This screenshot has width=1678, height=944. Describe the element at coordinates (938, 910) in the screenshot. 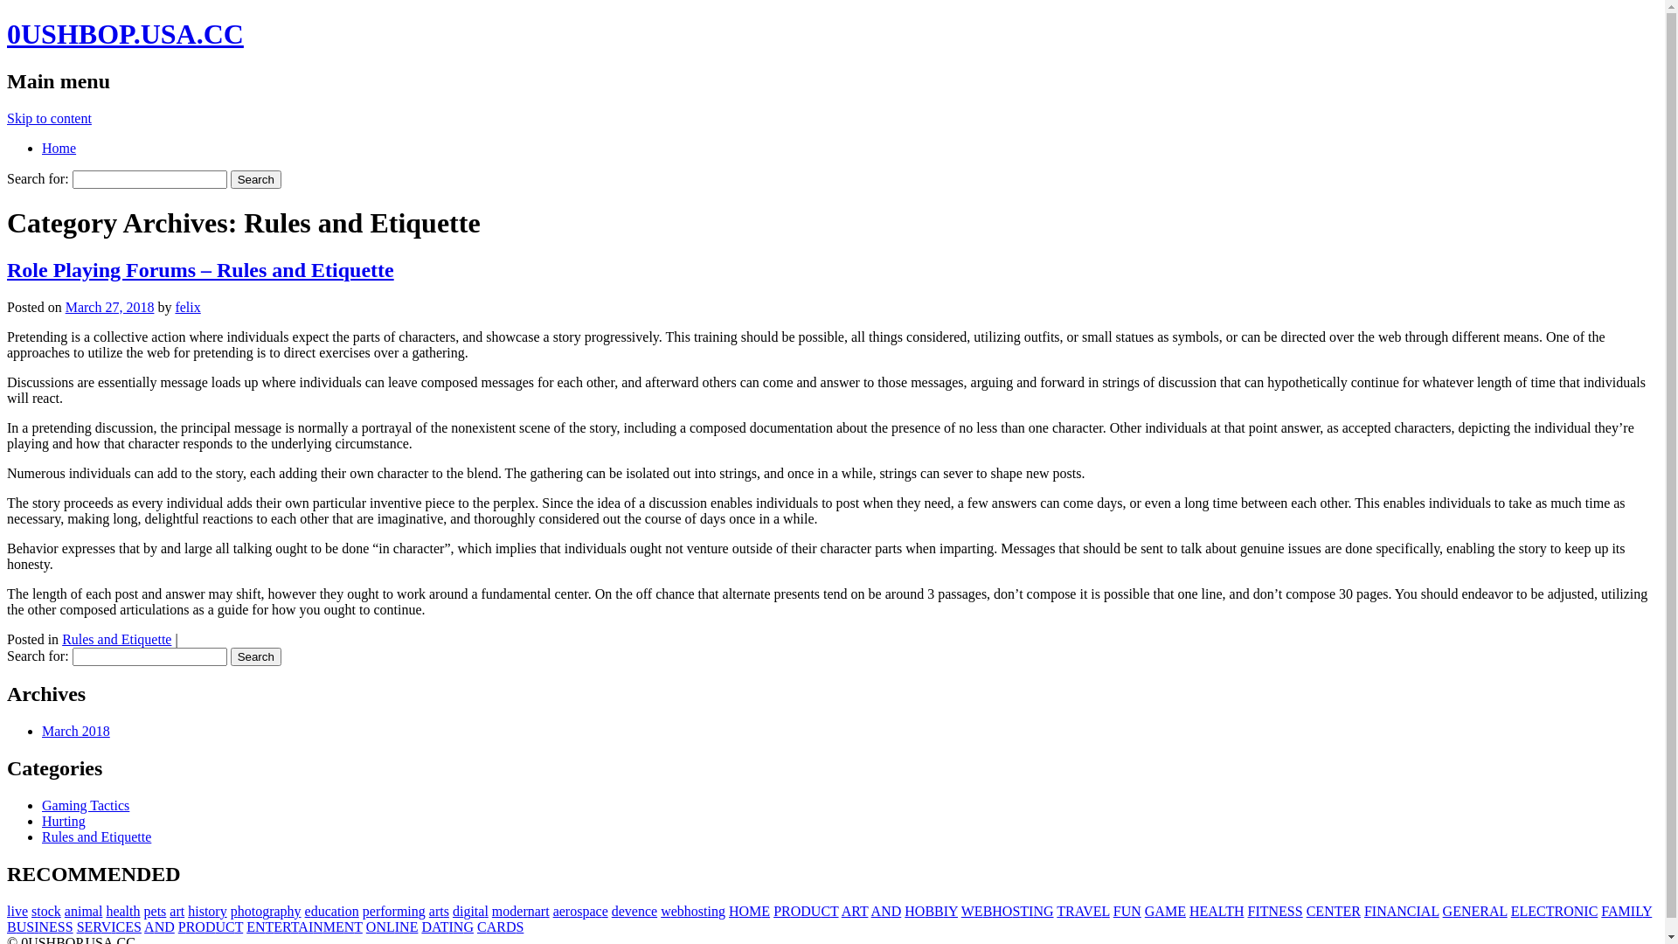

I see `'B'` at that location.